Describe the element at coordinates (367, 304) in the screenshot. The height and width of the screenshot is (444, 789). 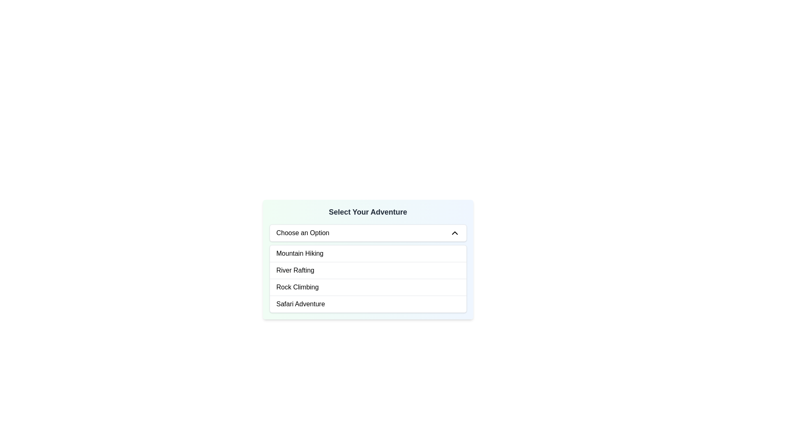
I see `the 'Safari Adventure' option in the dropdown menu` at that location.